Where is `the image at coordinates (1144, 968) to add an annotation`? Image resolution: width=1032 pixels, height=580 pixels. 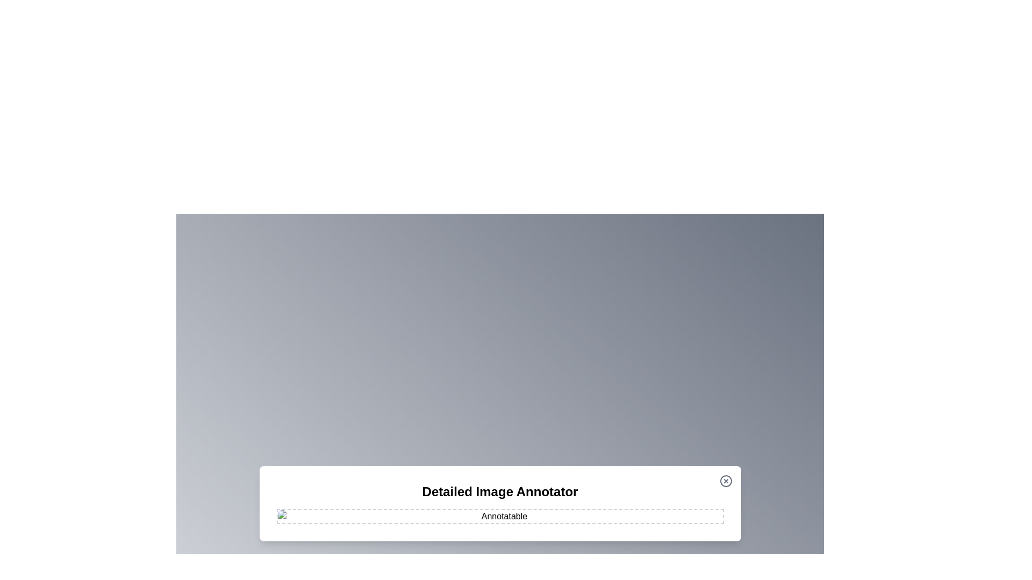 the image at coordinates (1144, 968) to add an annotation is located at coordinates (614, 519).